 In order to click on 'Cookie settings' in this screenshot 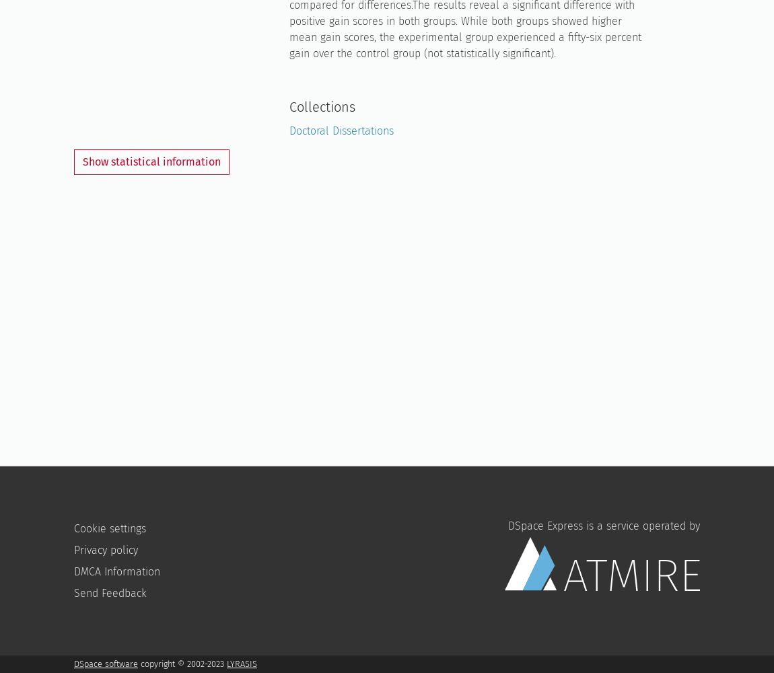, I will do `click(73, 528)`.